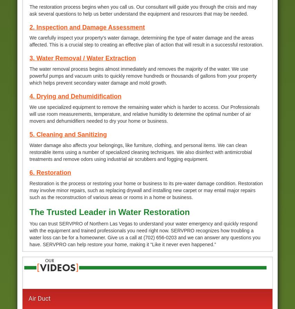 Image resolution: width=295 pixels, height=309 pixels. Describe the element at coordinates (146, 41) in the screenshot. I see `'We carefully inspect your property’s water damage, determining the type of water damage and the areas affected. This is a crucial step to creating an effective plan of action that will result in a successful restoration.'` at that location.